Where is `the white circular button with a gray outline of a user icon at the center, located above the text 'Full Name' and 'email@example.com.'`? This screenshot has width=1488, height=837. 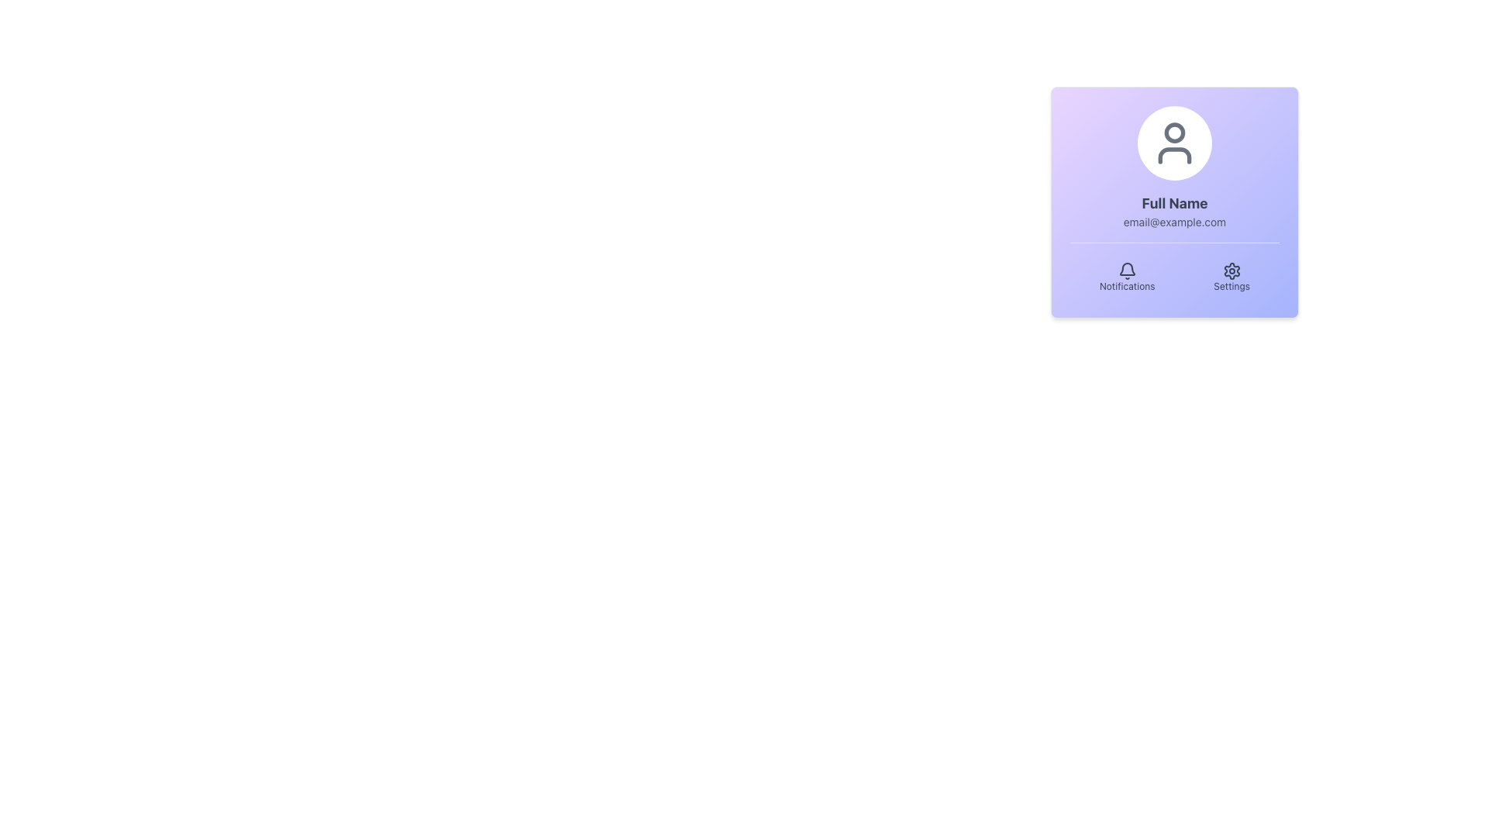 the white circular button with a gray outline of a user icon at the center, located above the text 'Full Name' and 'email@example.com.' is located at coordinates (1175, 143).